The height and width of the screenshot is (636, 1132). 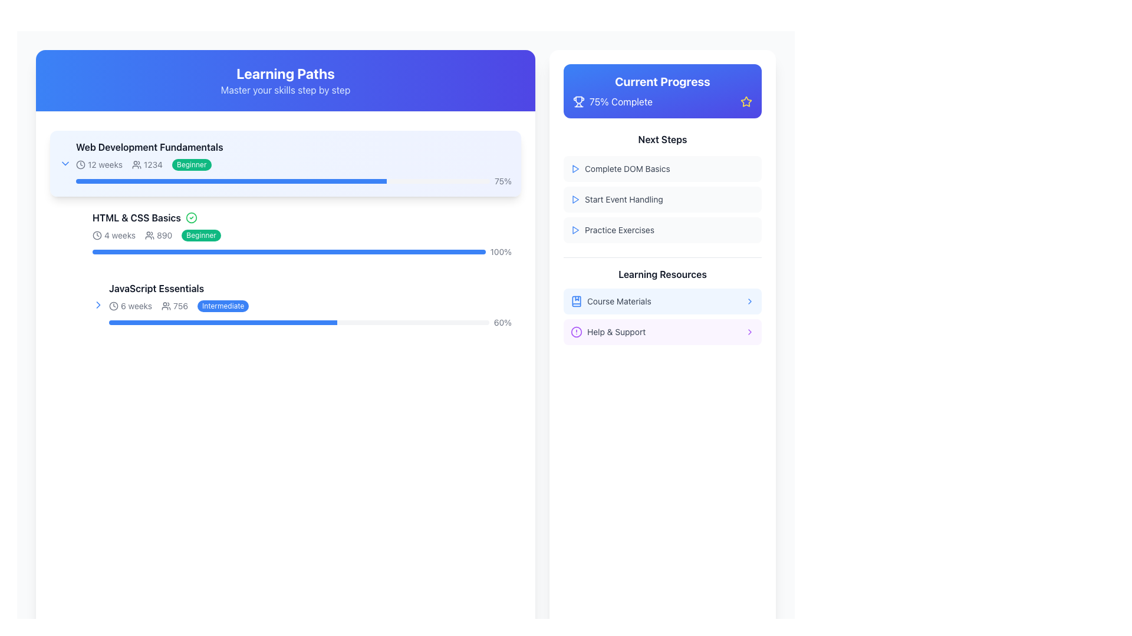 What do you see at coordinates (618, 301) in the screenshot?
I see `text label displaying 'Course Materials', which is styled in gray and positioned within the 'Learning Resources' subsection, immediately following the book icon` at bounding box center [618, 301].